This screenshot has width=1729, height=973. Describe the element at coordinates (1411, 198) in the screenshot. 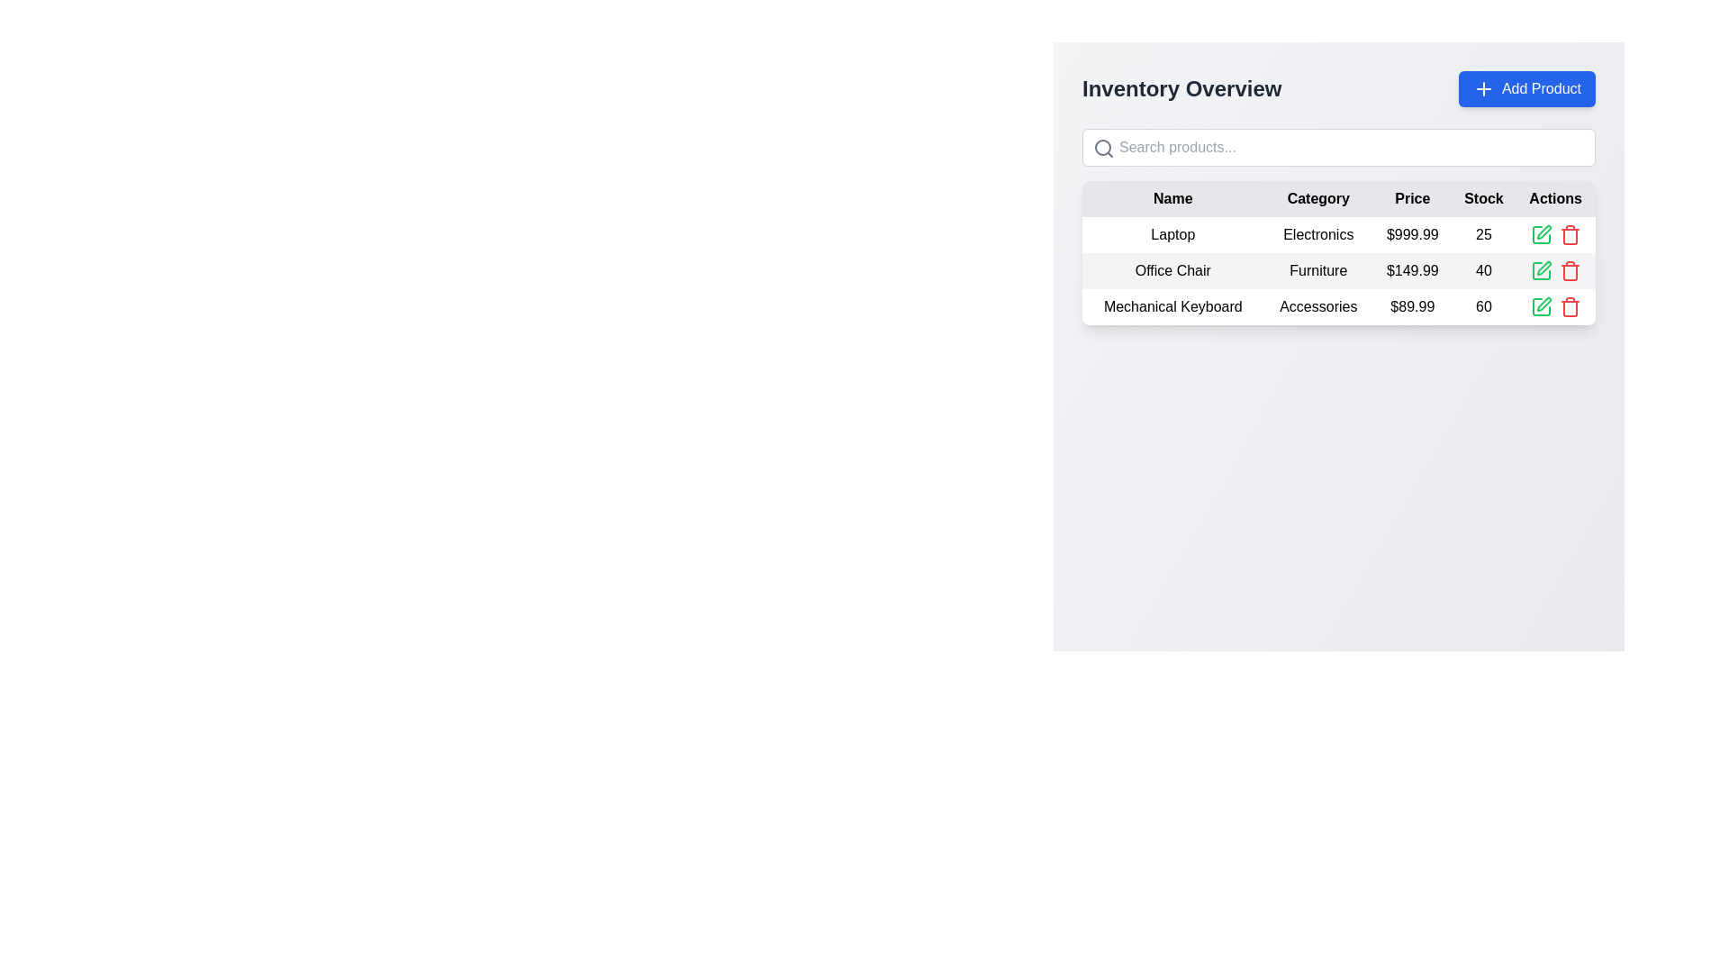

I see `the 'Price' column header in the table which indicates that the column contains pricing information for the respective items listed below` at that location.